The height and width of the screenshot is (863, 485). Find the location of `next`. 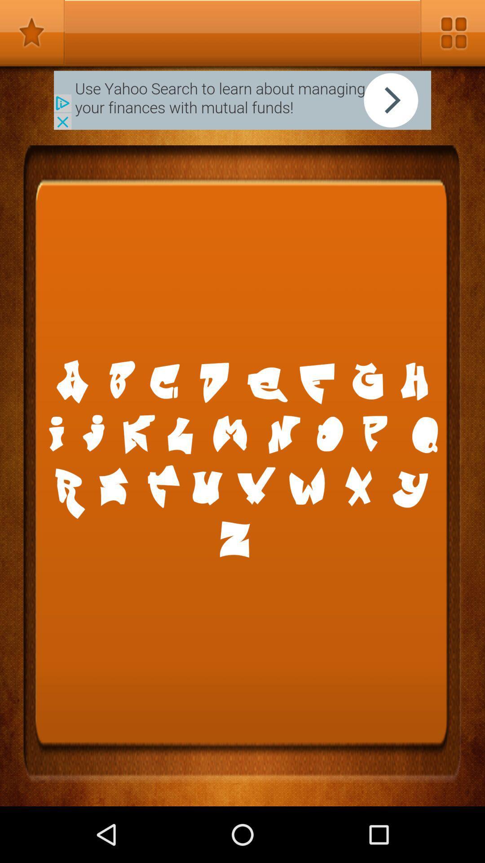

next is located at coordinates (242, 100).